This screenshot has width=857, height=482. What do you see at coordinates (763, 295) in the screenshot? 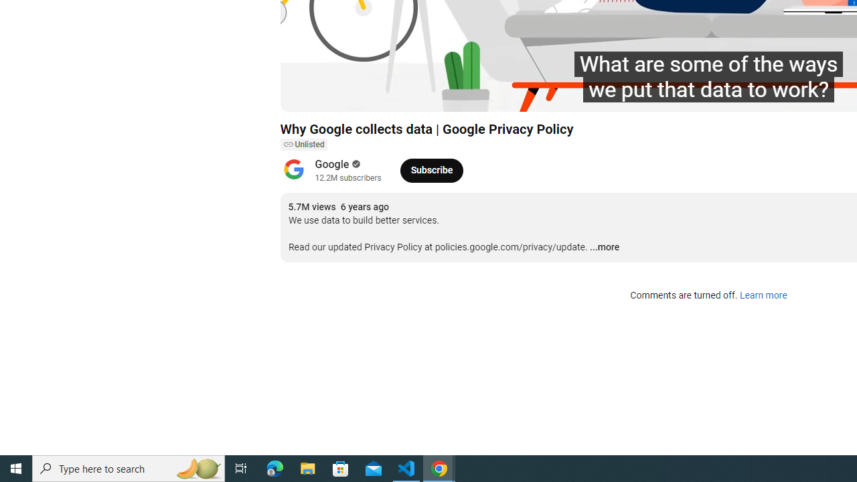
I see `'Learn more'` at bounding box center [763, 295].